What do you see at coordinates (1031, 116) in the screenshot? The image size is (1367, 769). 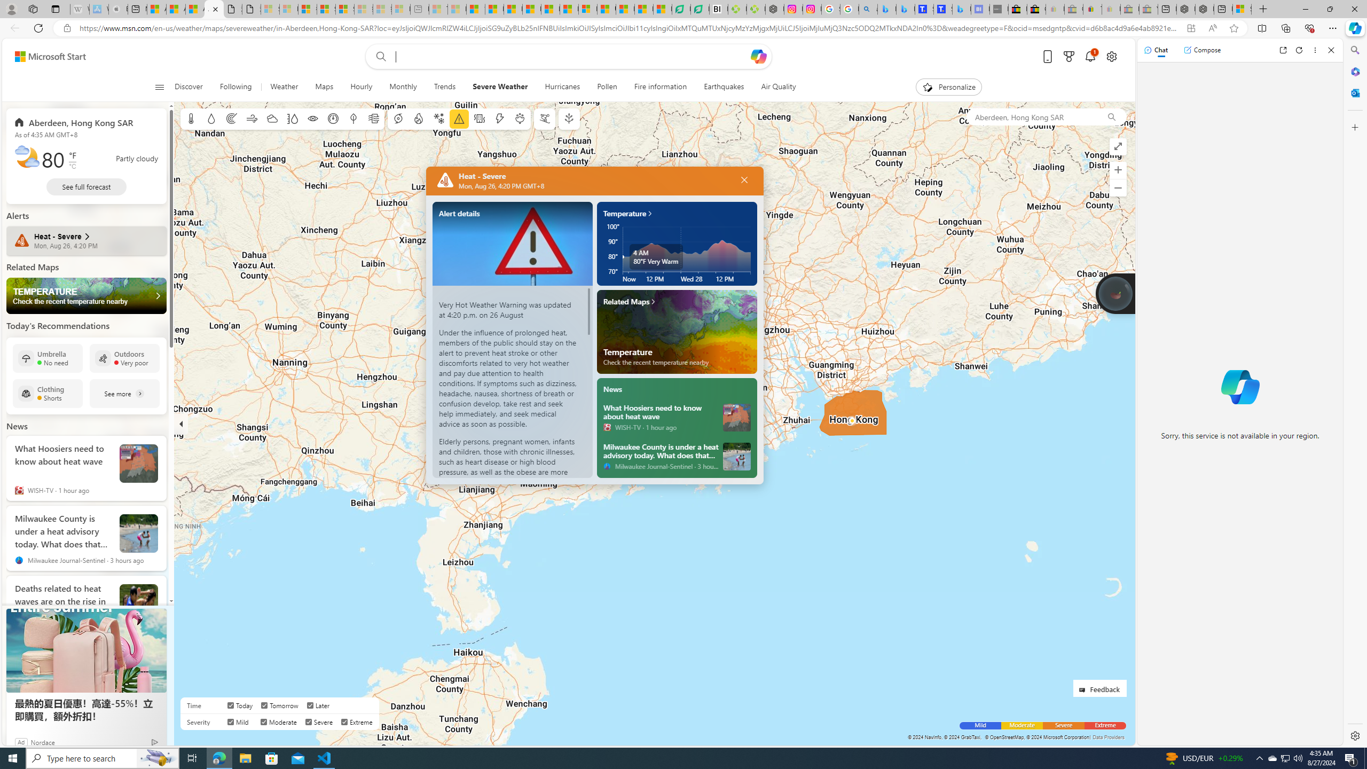 I see `'Aberdeen, Hong Kong SAR'` at bounding box center [1031, 116].